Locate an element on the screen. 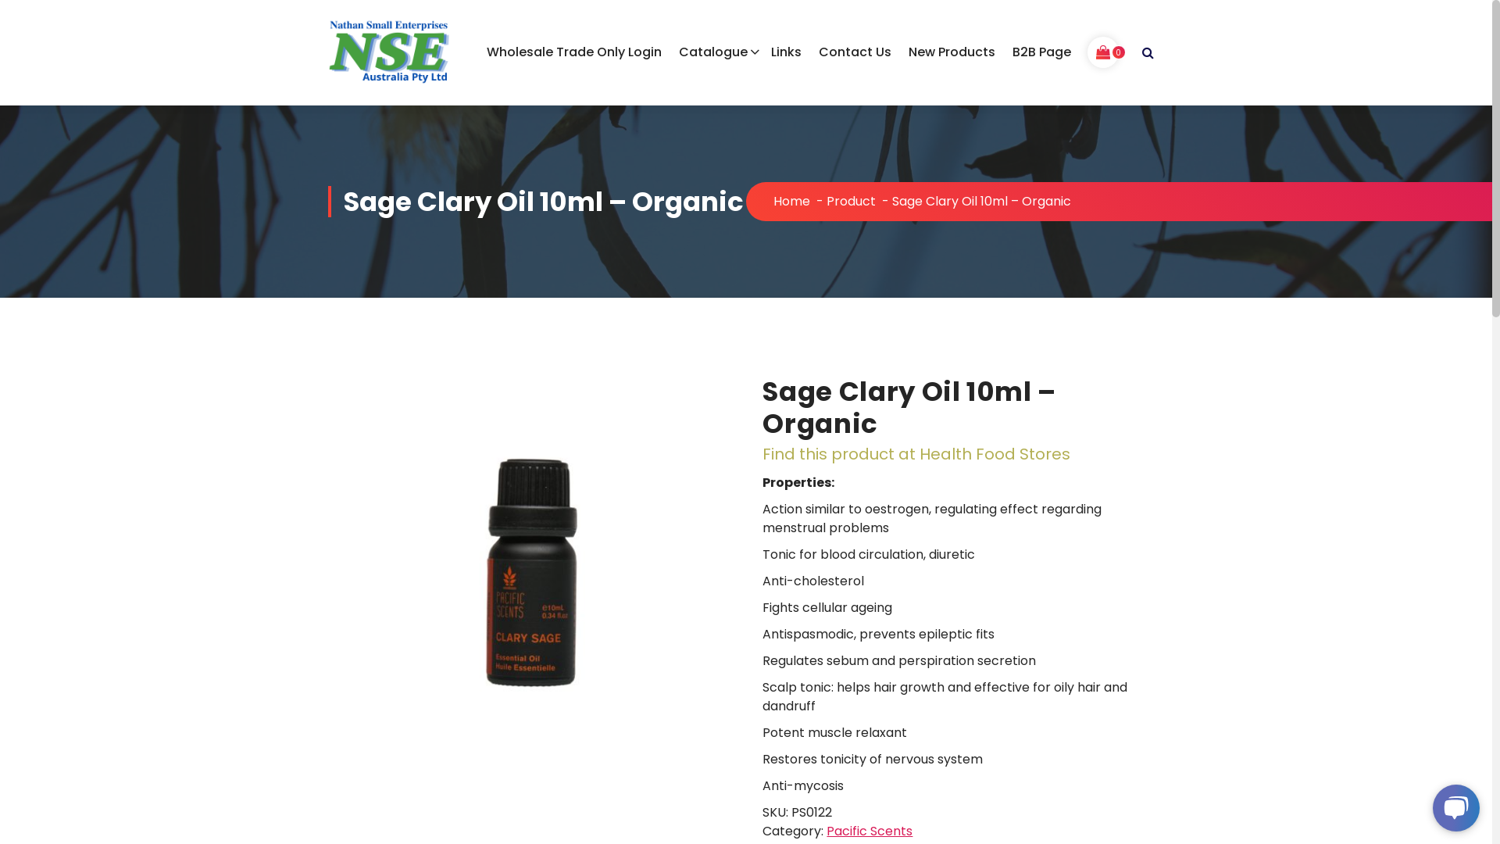 This screenshot has width=1500, height=844. 'Contact Us' is located at coordinates (854, 51).